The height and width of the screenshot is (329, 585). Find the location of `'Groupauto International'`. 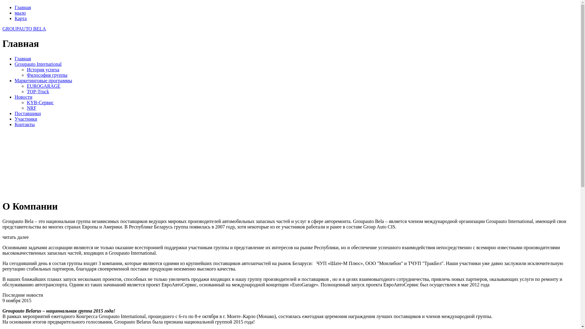

'Groupauto International' is located at coordinates (37, 64).